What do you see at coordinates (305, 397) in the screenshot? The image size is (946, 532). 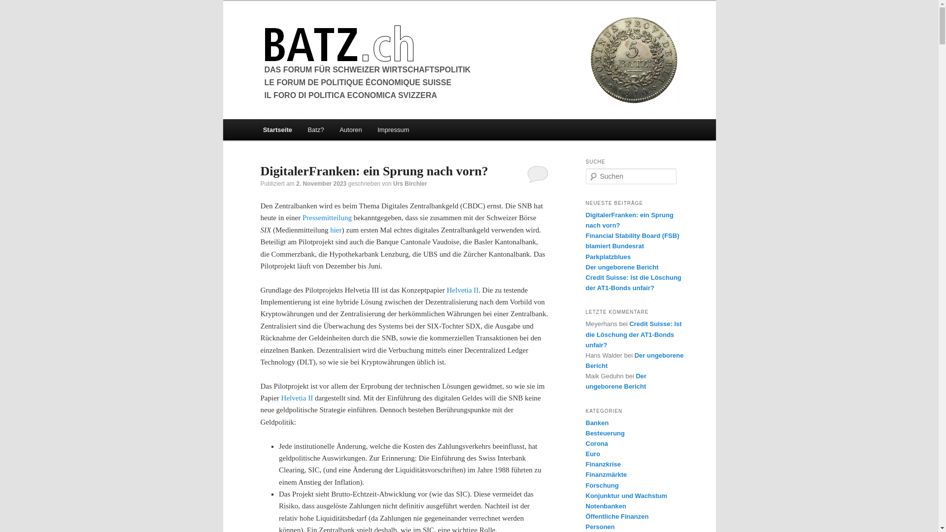 I see `'II'` at bounding box center [305, 397].